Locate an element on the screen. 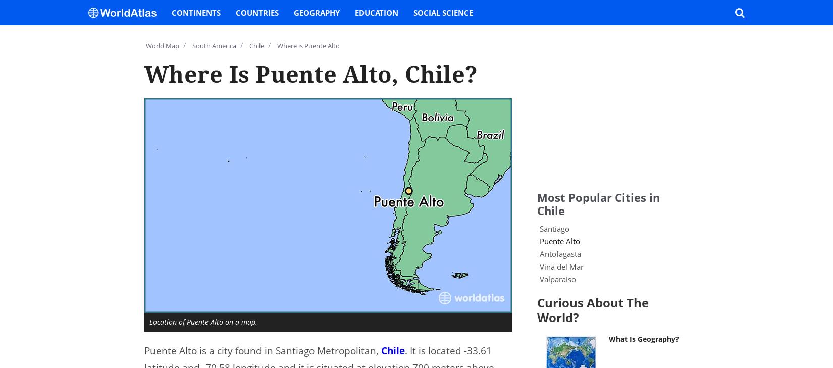 The image size is (833, 368). 'Santiago' is located at coordinates (554, 228).